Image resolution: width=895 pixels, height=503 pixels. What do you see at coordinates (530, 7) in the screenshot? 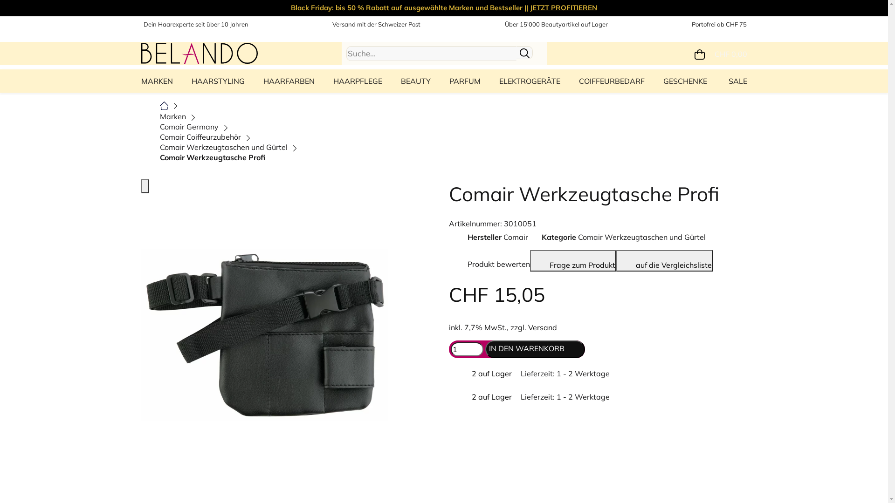
I see `'JETZT PROFITIEREN'` at bounding box center [530, 7].